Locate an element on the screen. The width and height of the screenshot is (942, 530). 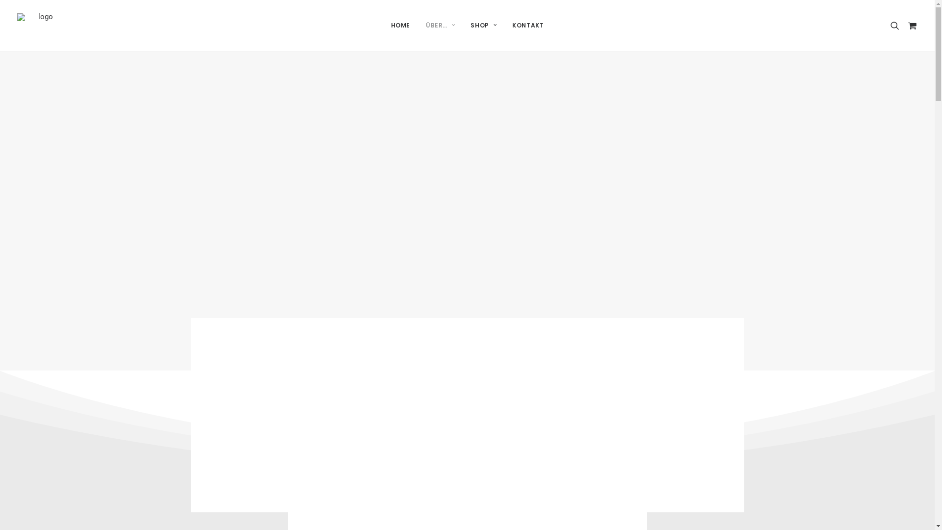
'HOME' is located at coordinates (400, 25).